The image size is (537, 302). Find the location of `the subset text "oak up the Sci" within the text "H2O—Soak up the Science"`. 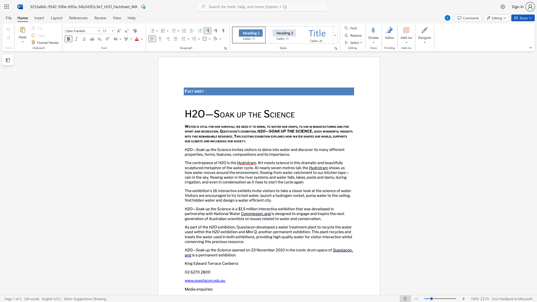

the subset text "oak up the Sci" within the text "H2O—Soak up the Science" is located at coordinates (198, 250).